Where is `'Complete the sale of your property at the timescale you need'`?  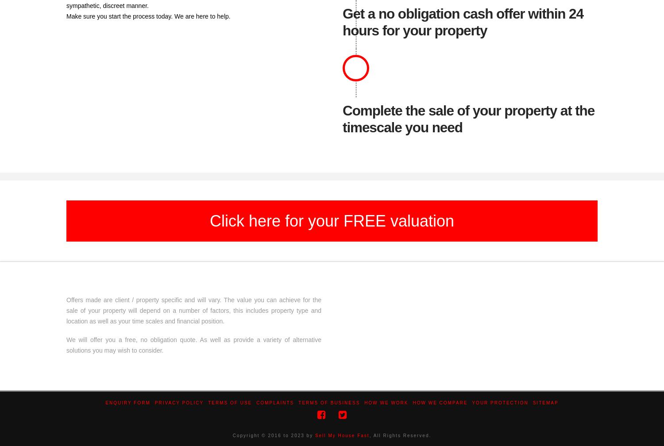
'Complete the sale of your property at the timescale you need' is located at coordinates (468, 119).